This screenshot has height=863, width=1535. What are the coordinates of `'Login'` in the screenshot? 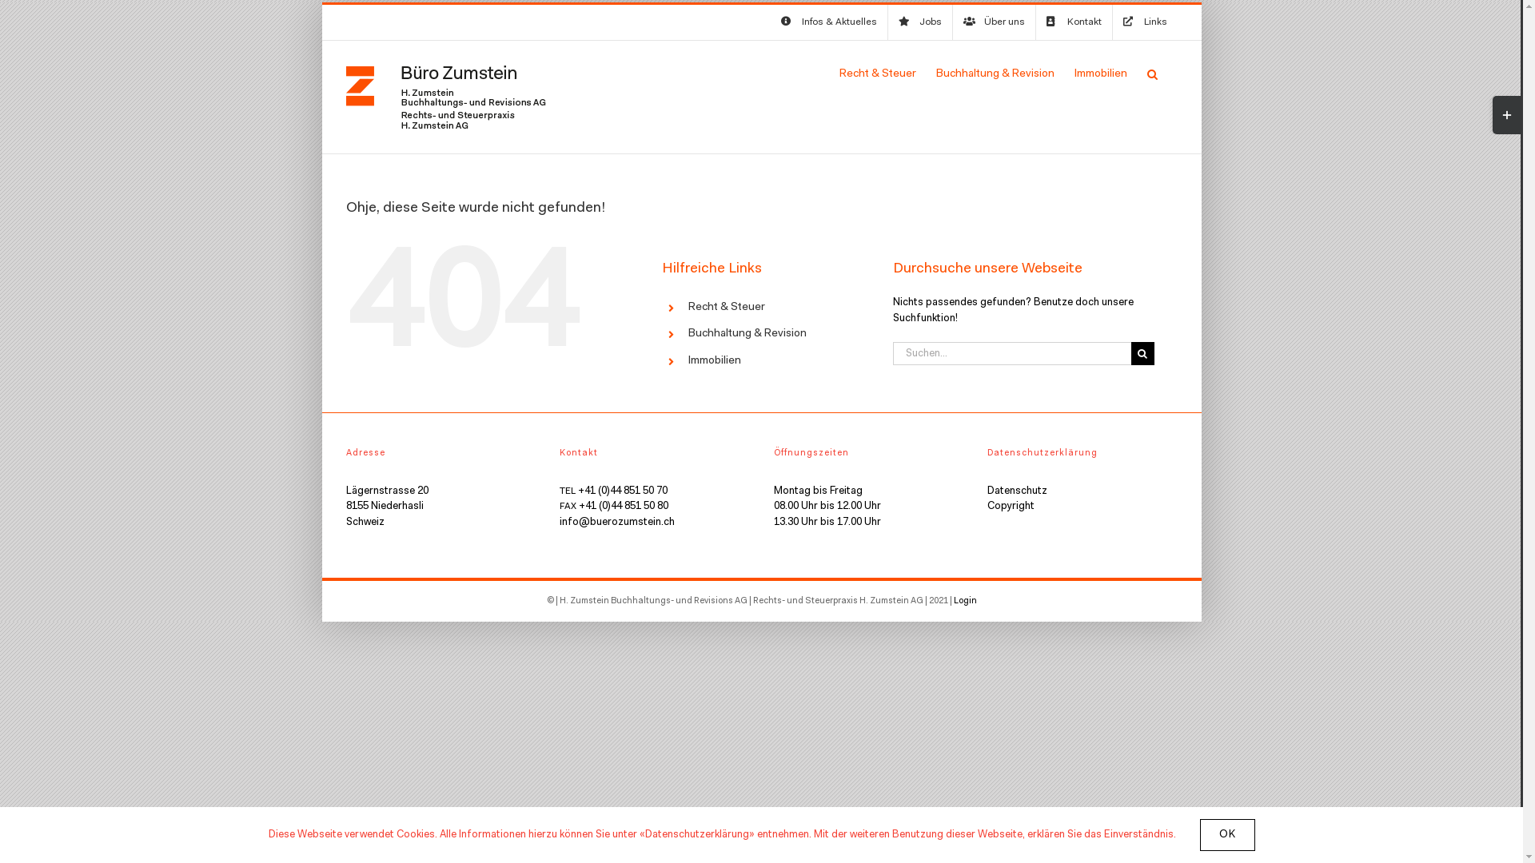 It's located at (952, 601).